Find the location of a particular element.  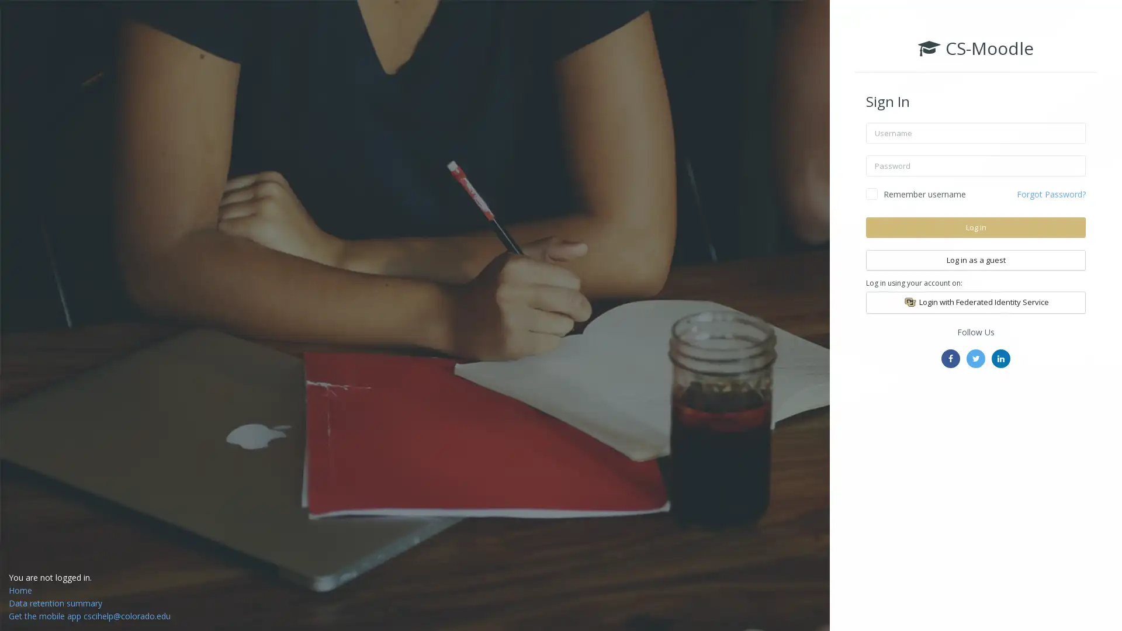

Log in is located at coordinates (976, 227).